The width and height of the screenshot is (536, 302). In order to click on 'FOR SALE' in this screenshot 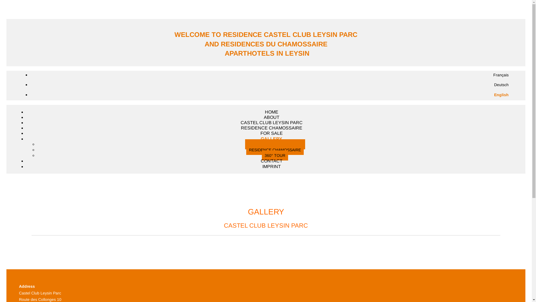, I will do `click(271, 133)`.